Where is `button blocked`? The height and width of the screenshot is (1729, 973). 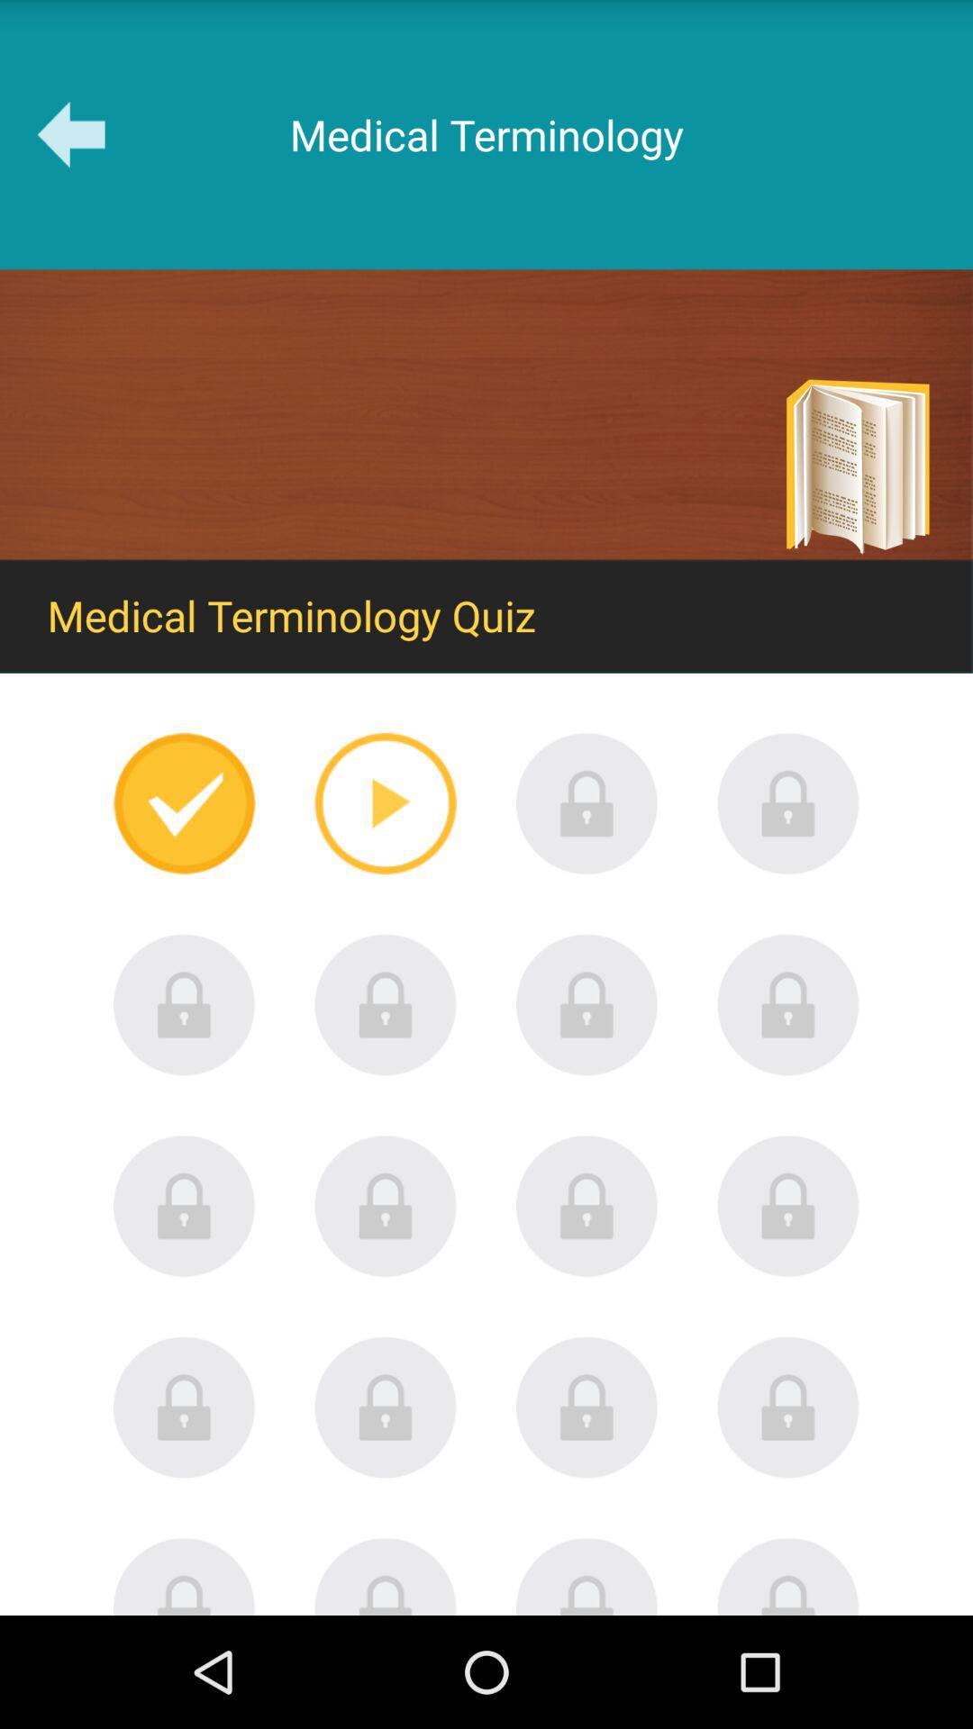
button blocked is located at coordinates (587, 802).